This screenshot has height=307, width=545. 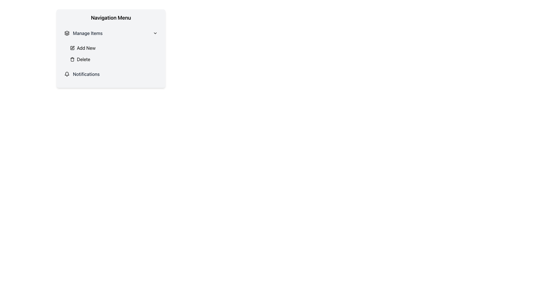 I want to click on the black icon consisting of three overlapping layers located to the left of the 'Manage Items' text, so click(x=67, y=33).